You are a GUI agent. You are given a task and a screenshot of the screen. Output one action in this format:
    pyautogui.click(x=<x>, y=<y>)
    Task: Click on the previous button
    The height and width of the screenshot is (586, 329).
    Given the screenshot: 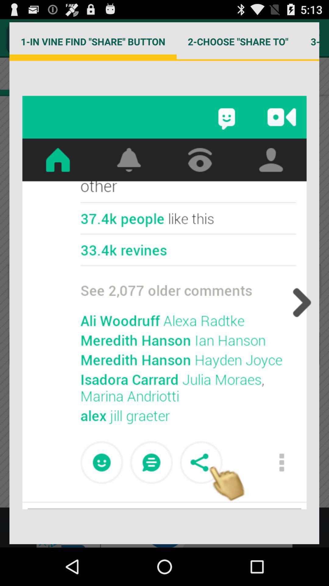 What is the action you would take?
    pyautogui.click(x=300, y=302)
    